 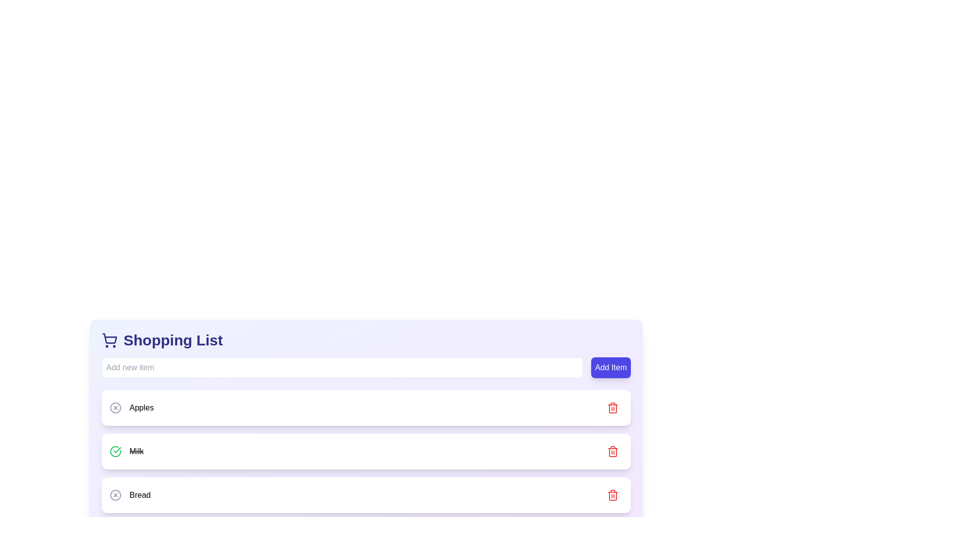 I want to click on the static text label displaying 'Apples', so click(x=131, y=407).